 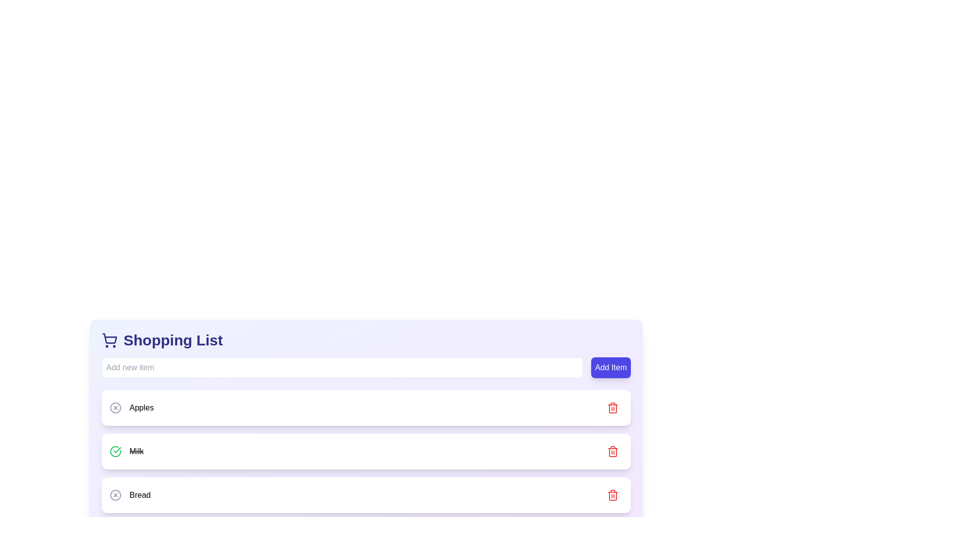 I want to click on the static text label displaying 'Apples', so click(x=131, y=407).